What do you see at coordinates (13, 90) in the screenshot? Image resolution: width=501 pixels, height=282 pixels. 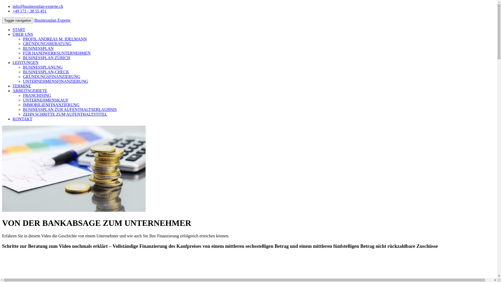 I see `'ARBEITSGEBIETE'` at bounding box center [13, 90].